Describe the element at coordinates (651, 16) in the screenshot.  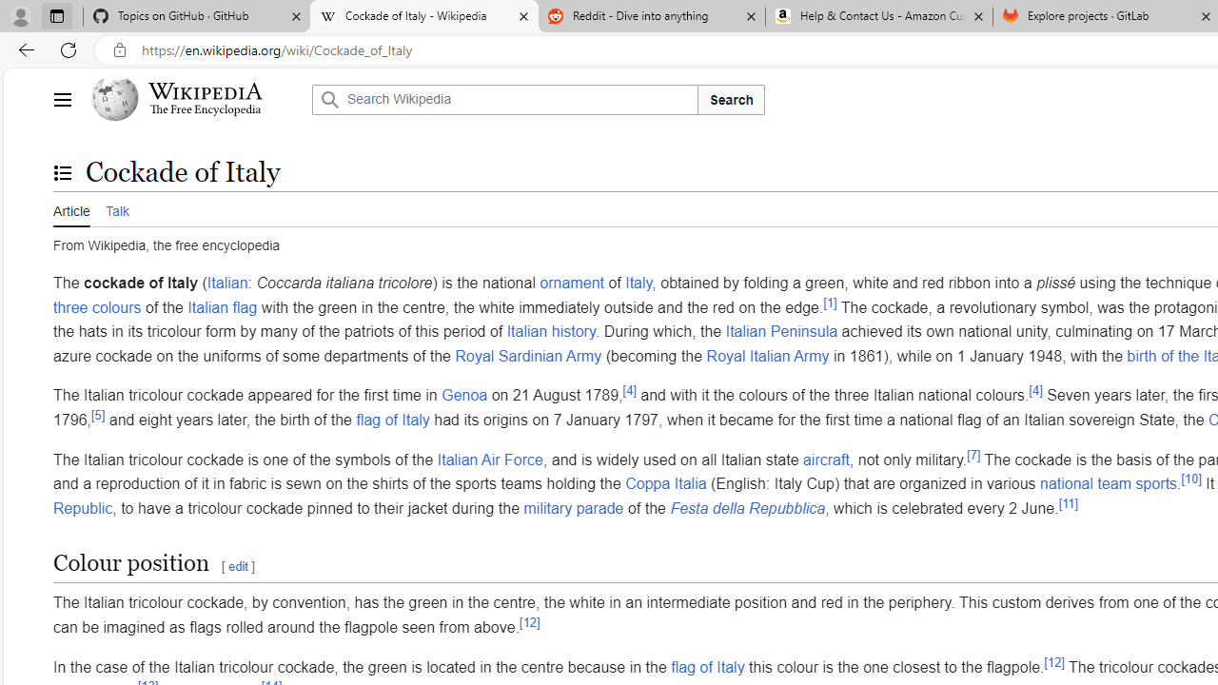
I see `'Reddit - Dive into anything'` at that location.